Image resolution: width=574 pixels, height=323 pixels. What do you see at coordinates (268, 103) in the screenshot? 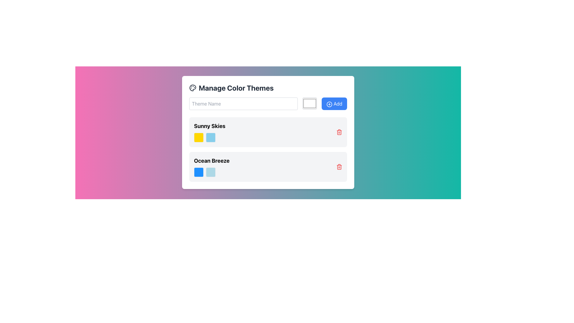
I see `a color from the color picker control located within the 'Manage Color Themes' composite component, positioned below the title and before the theme list items` at bounding box center [268, 103].